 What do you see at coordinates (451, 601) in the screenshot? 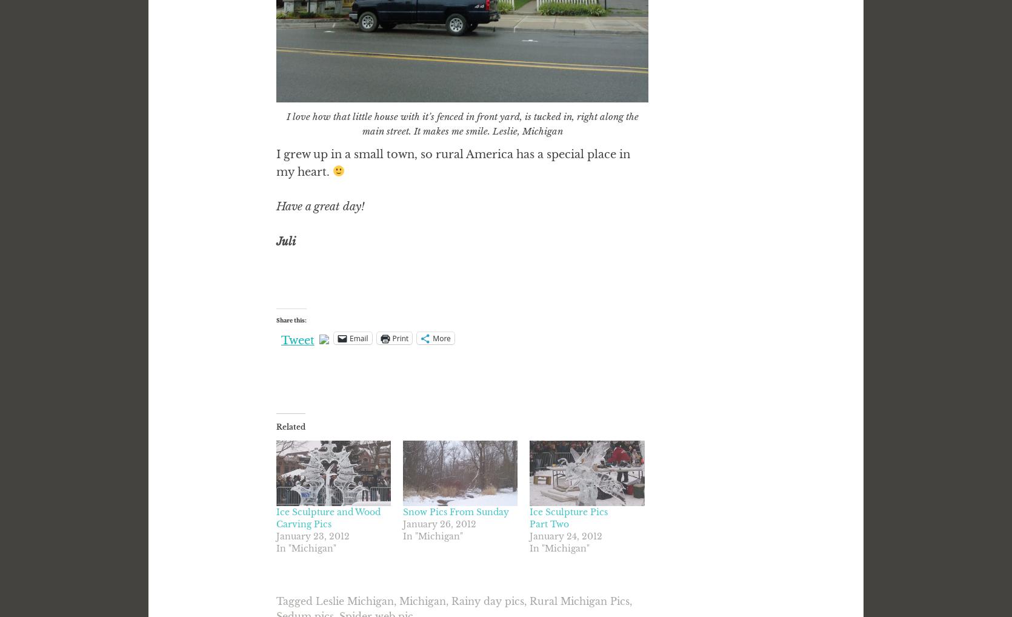
I see `'Rainy day pics'` at bounding box center [451, 601].